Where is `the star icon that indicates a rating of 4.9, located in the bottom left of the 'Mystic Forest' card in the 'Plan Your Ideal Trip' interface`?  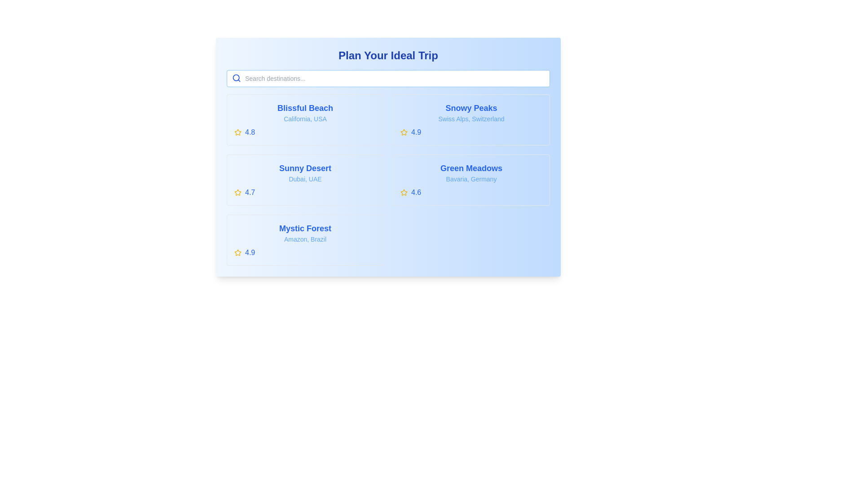
the star icon that indicates a rating of 4.9, located in the bottom left of the 'Mystic Forest' card in the 'Plan Your Ideal Trip' interface is located at coordinates (237, 253).